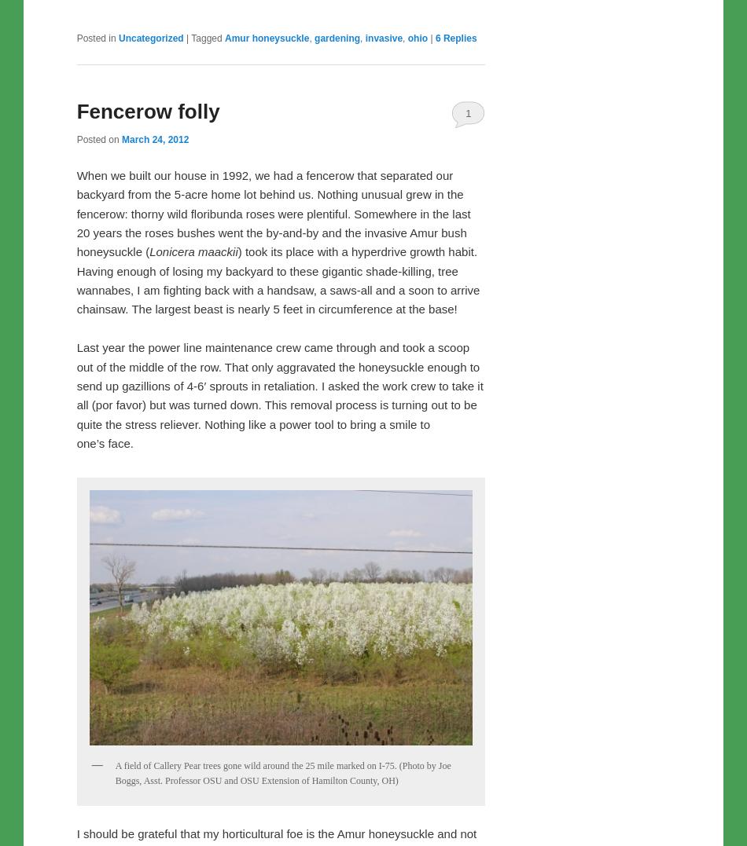  What do you see at coordinates (95, 38) in the screenshot?
I see `'Posted in'` at bounding box center [95, 38].